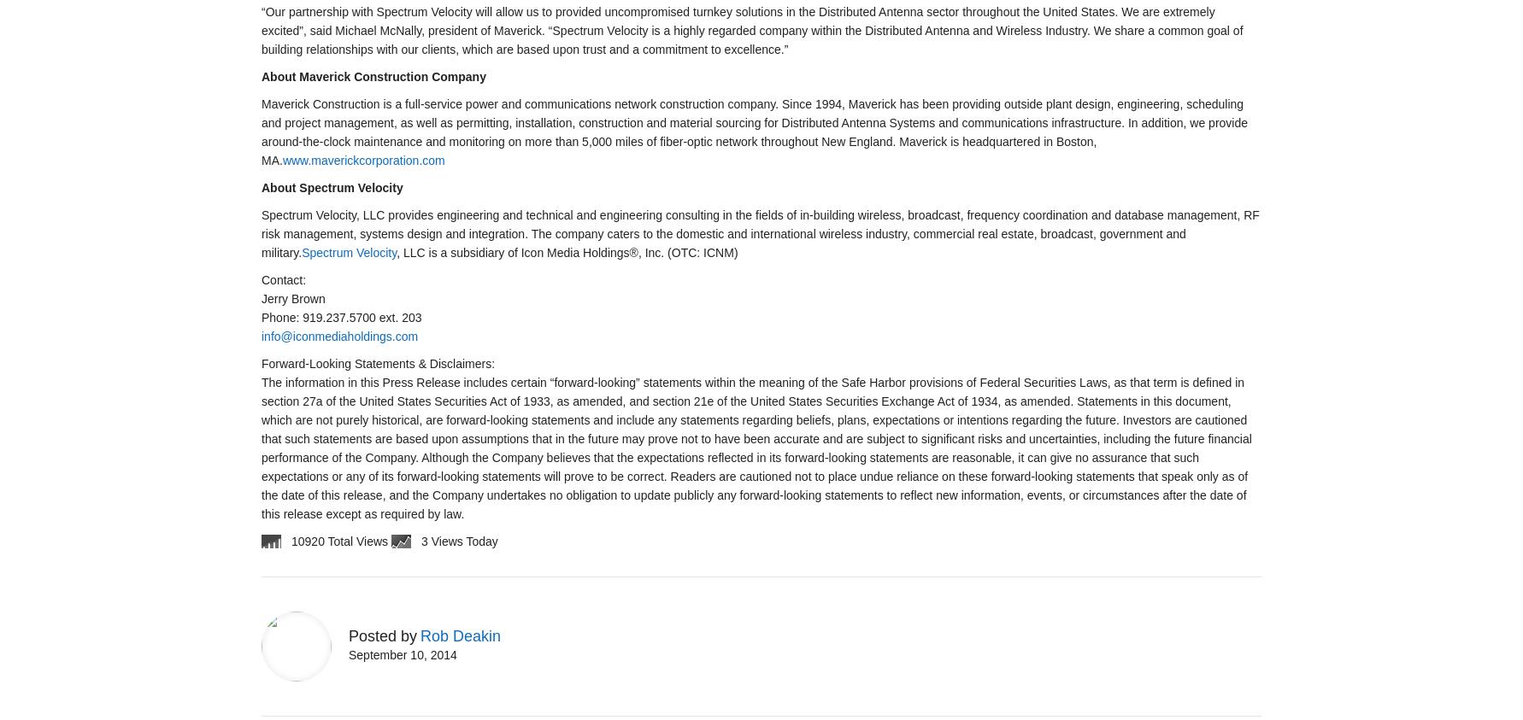  What do you see at coordinates (363, 160) in the screenshot?
I see `'www.maverickcorporation.com'` at bounding box center [363, 160].